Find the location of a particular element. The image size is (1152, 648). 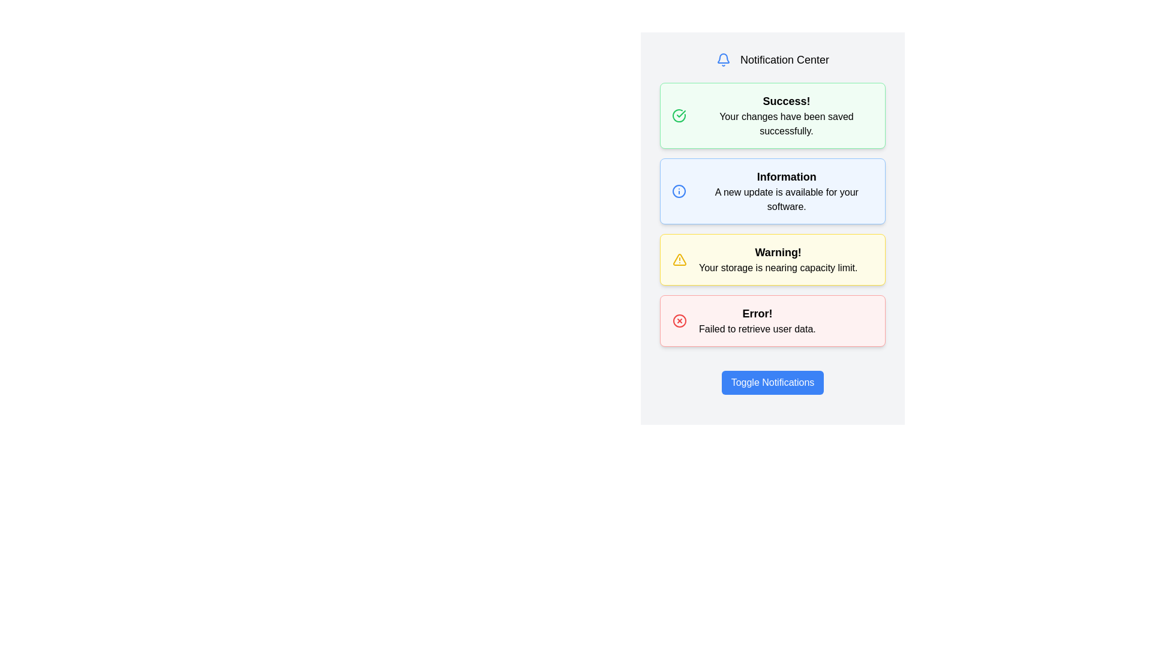

the green check icon indicating success, which is styled as a circle with a checkmark inside, located on the left side of the 'Success! Your changes have been saved successfully.' text is located at coordinates (679, 115).